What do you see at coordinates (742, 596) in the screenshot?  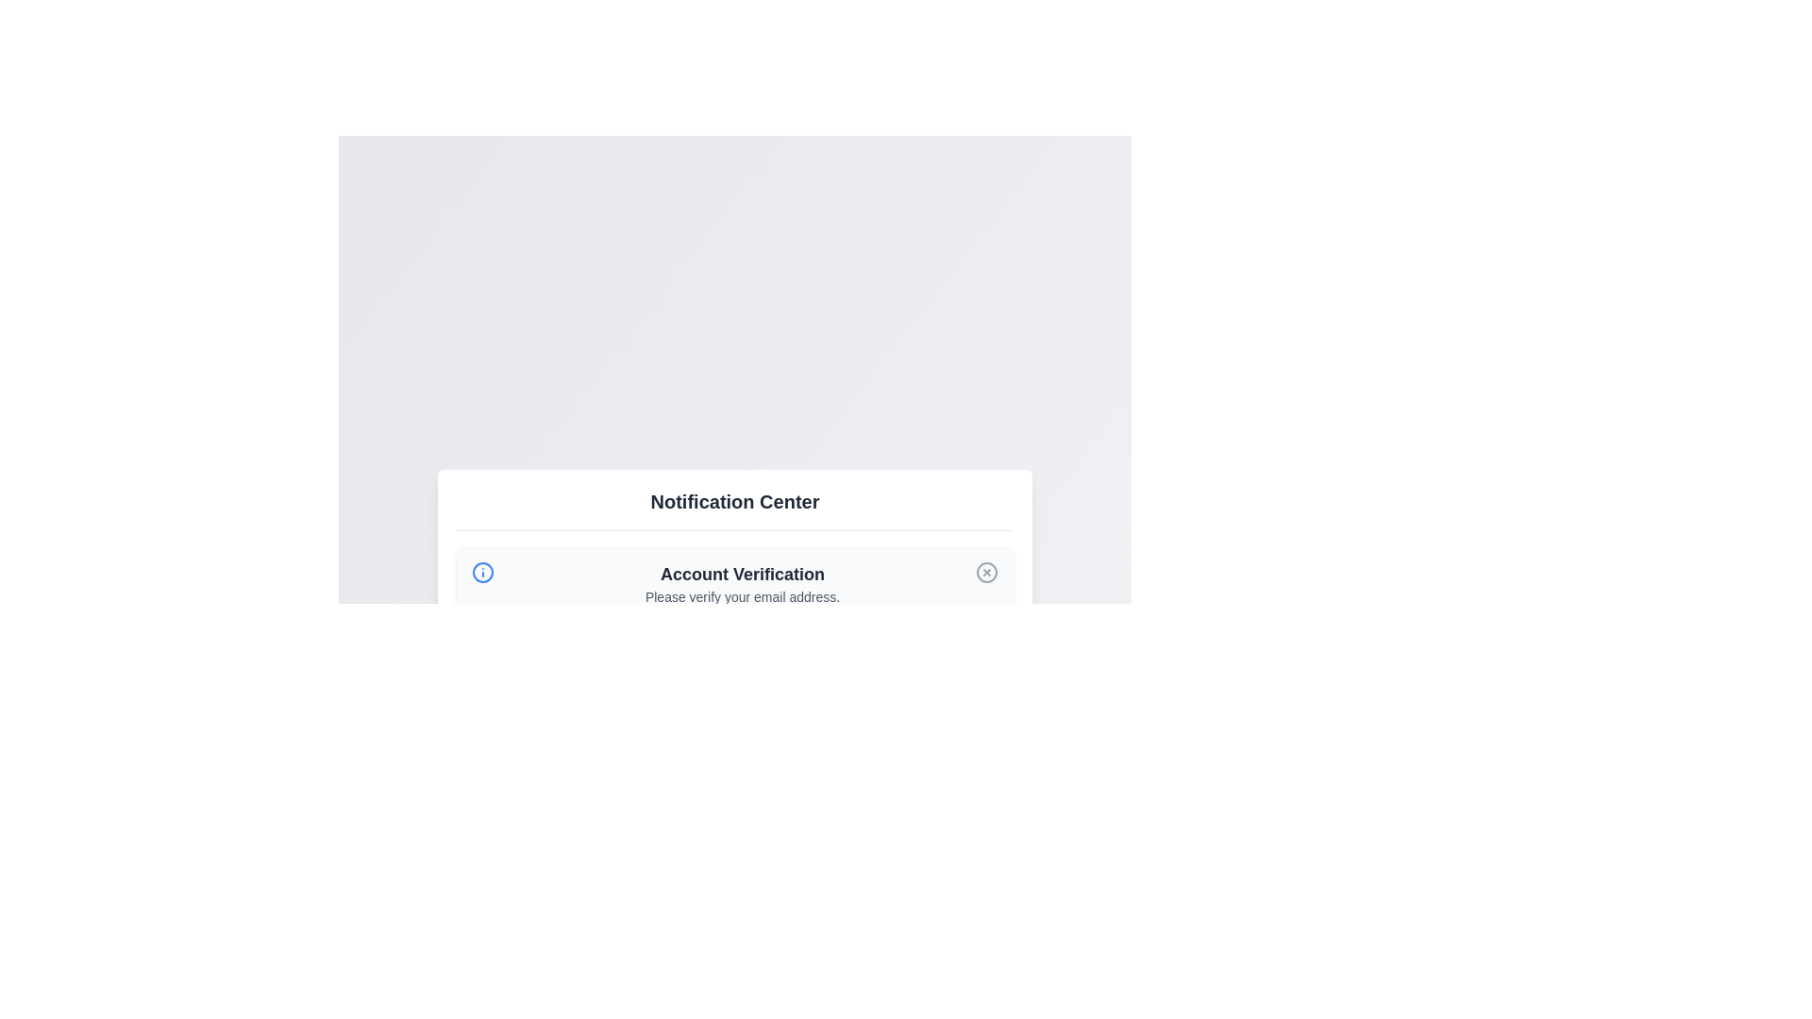 I see `the text label that reads 'Please verify your email address.' which is positioned below the 'Account Verification' heading` at bounding box center [742, 596].